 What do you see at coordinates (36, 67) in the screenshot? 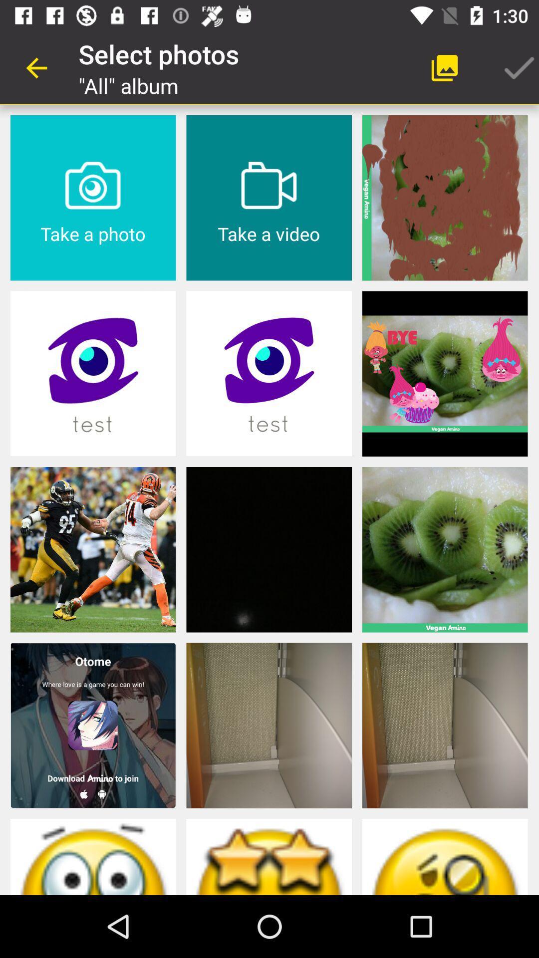
I see `app to the left of select photos` at bounding box center [36, 67].